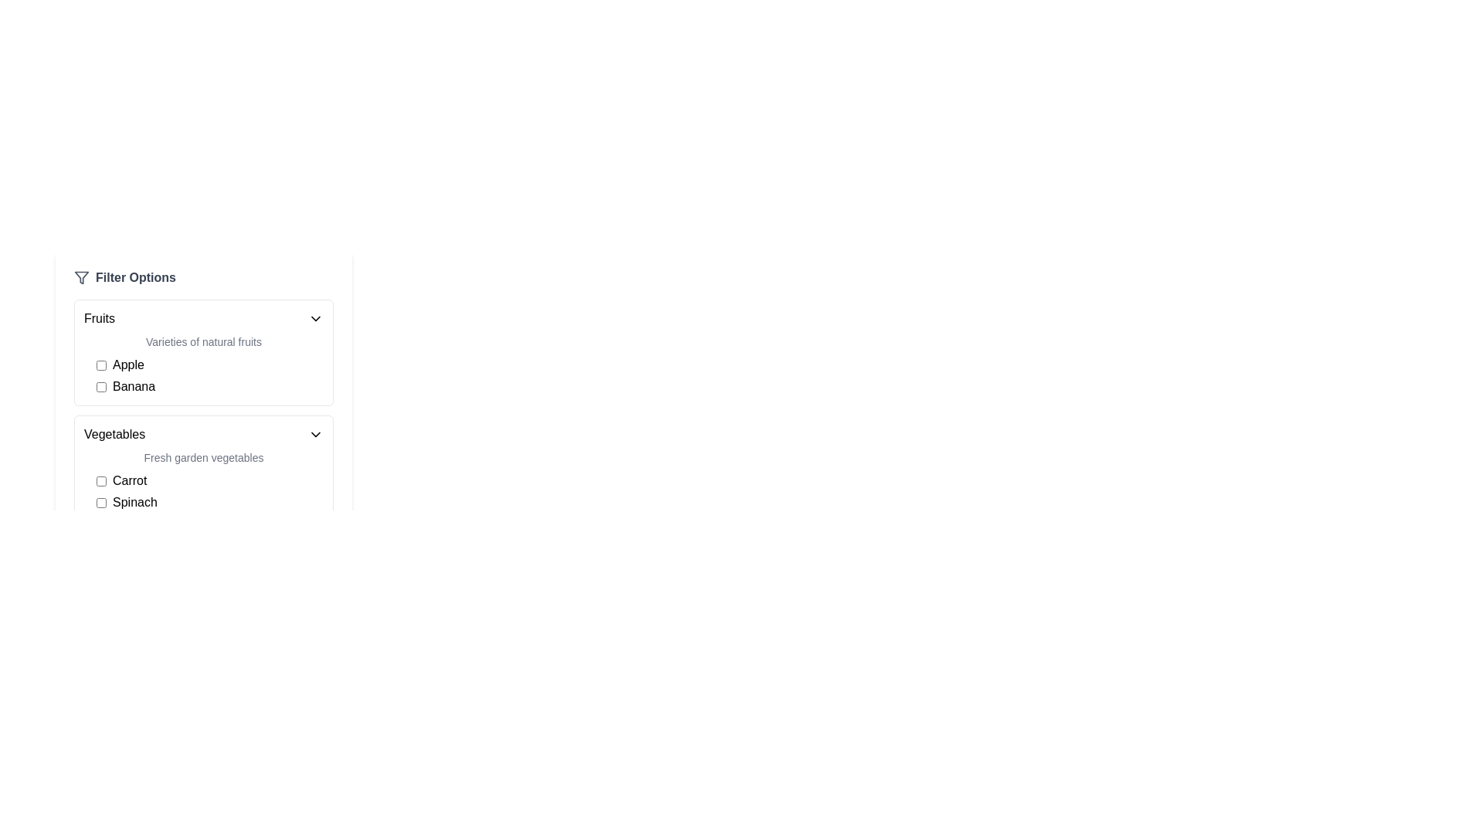  I want to click on the downward-pointing chevron icon adjacent to the 'Vegetables' label, so click(314, 435).